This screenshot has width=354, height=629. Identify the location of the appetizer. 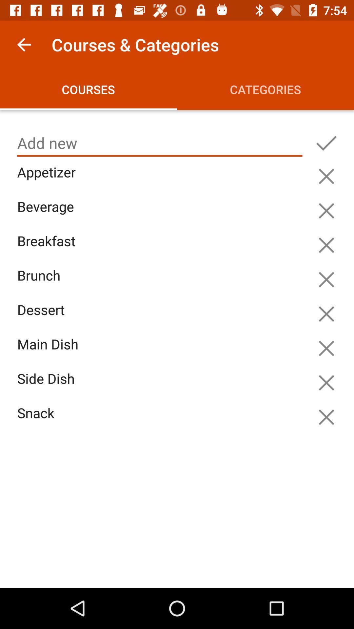
(161, 180).